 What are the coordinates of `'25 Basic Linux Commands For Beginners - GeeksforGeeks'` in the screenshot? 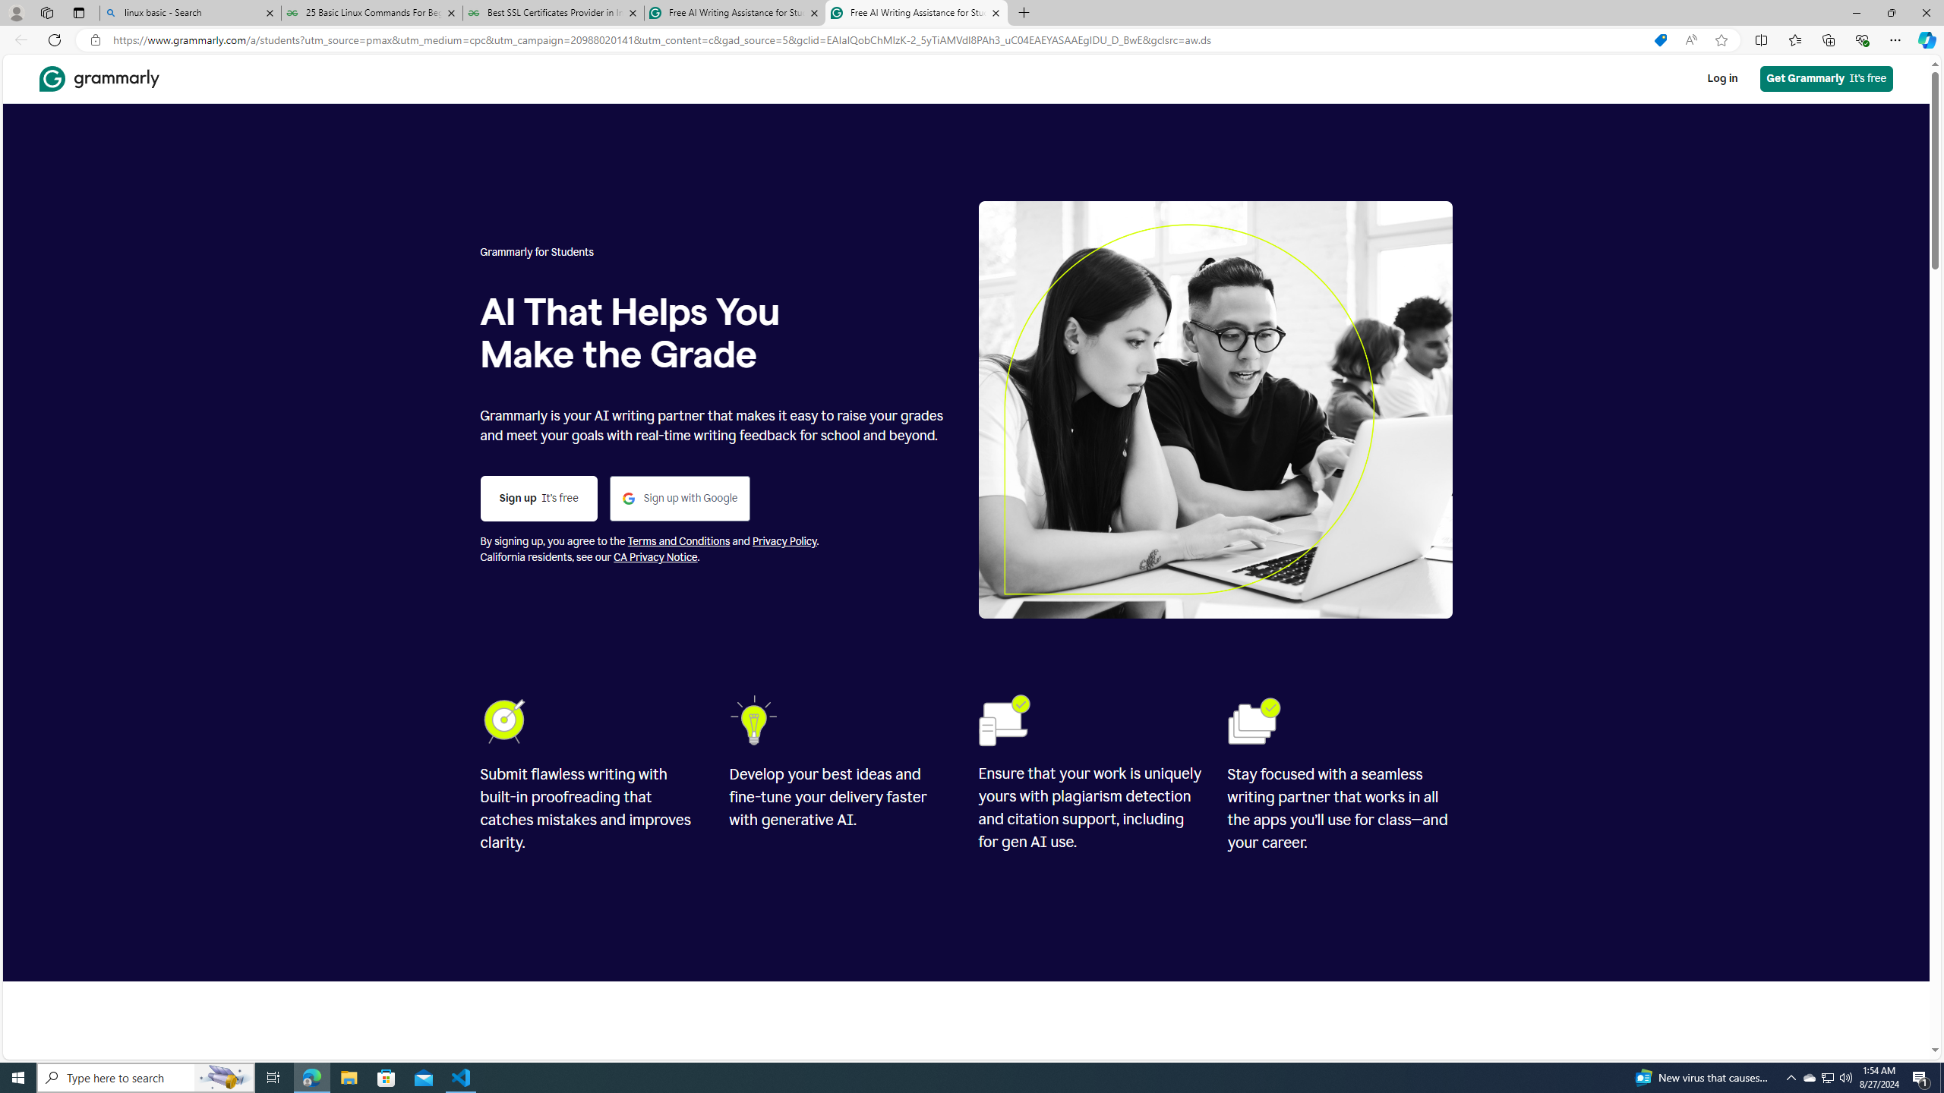 It's located at (371, 12).